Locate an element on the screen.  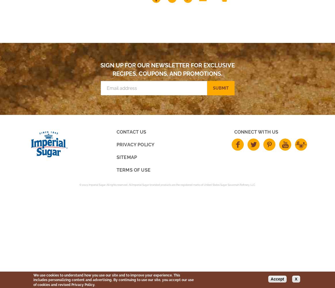
'Sitemap' is located at coordinates (126, 157).